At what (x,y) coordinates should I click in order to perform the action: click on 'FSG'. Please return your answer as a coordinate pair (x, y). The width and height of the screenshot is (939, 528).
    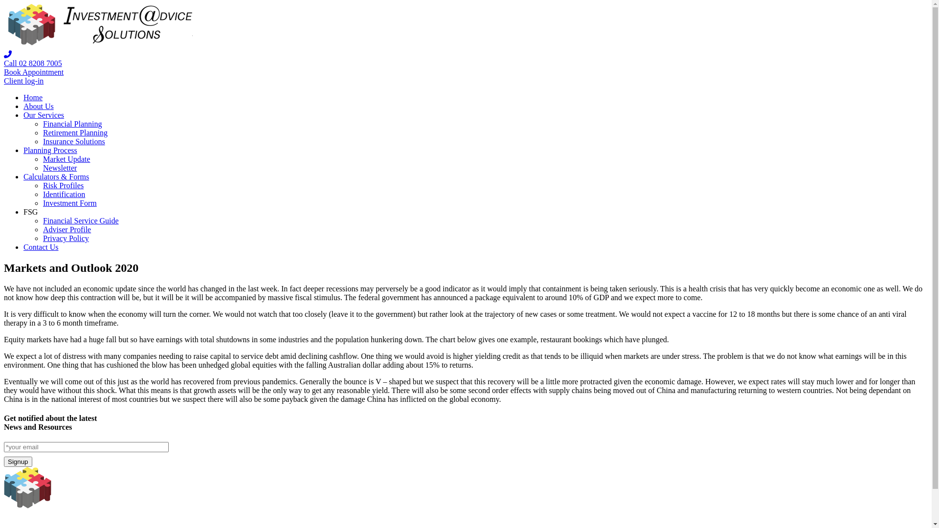
    Looking at the image, I should click on (30, 211).